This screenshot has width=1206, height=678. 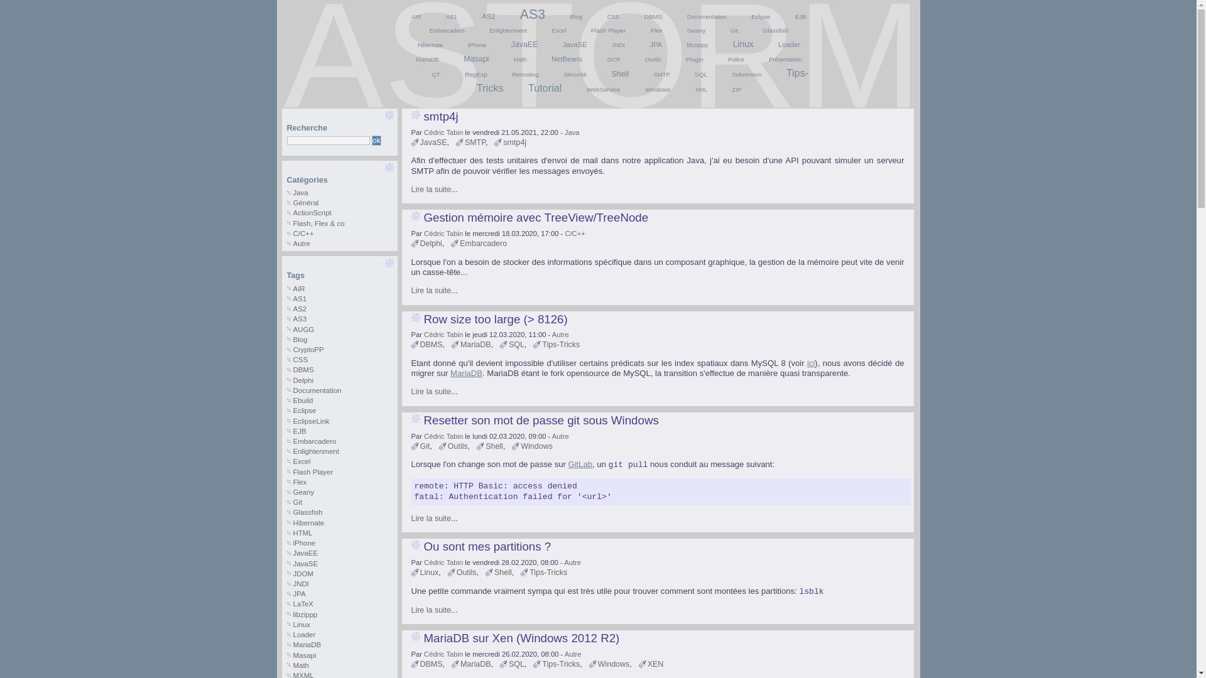 I want to click on 'RegExp', so click(x=475, y=74).